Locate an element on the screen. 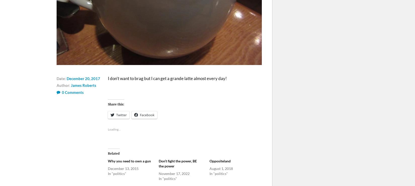  'Date:' is located at coordinates (62, 78).